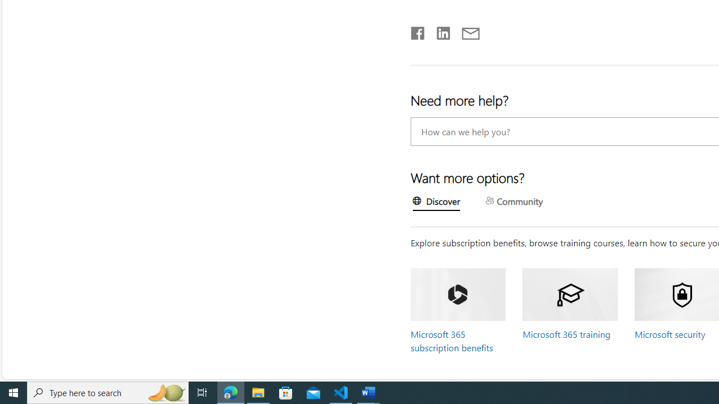 This screenshot has height=404, width=719. Describe the element at coordinates (670, 333) in the screenshot. I see `'Microsoft security'` at that location.